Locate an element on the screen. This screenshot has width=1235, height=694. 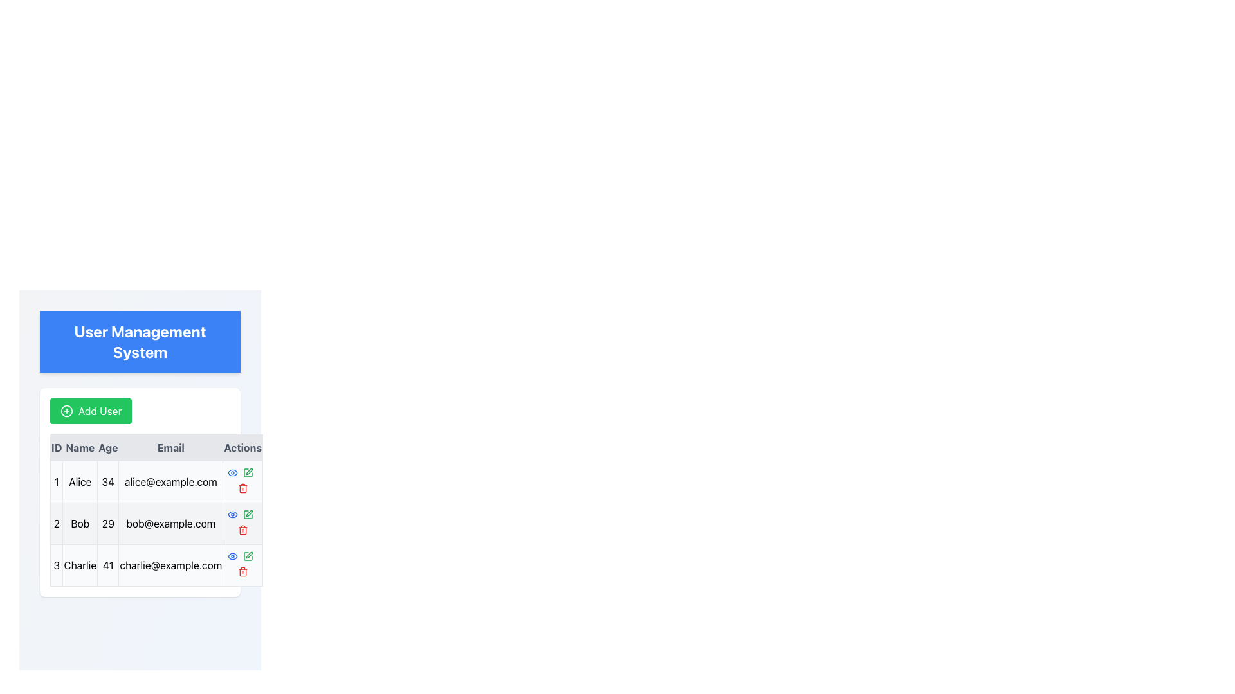
the circular icon with a plus symbol located to the left of the green 'Add User' button, which is below the blue 'User Management System' banner is located at coordinates (66, 411).